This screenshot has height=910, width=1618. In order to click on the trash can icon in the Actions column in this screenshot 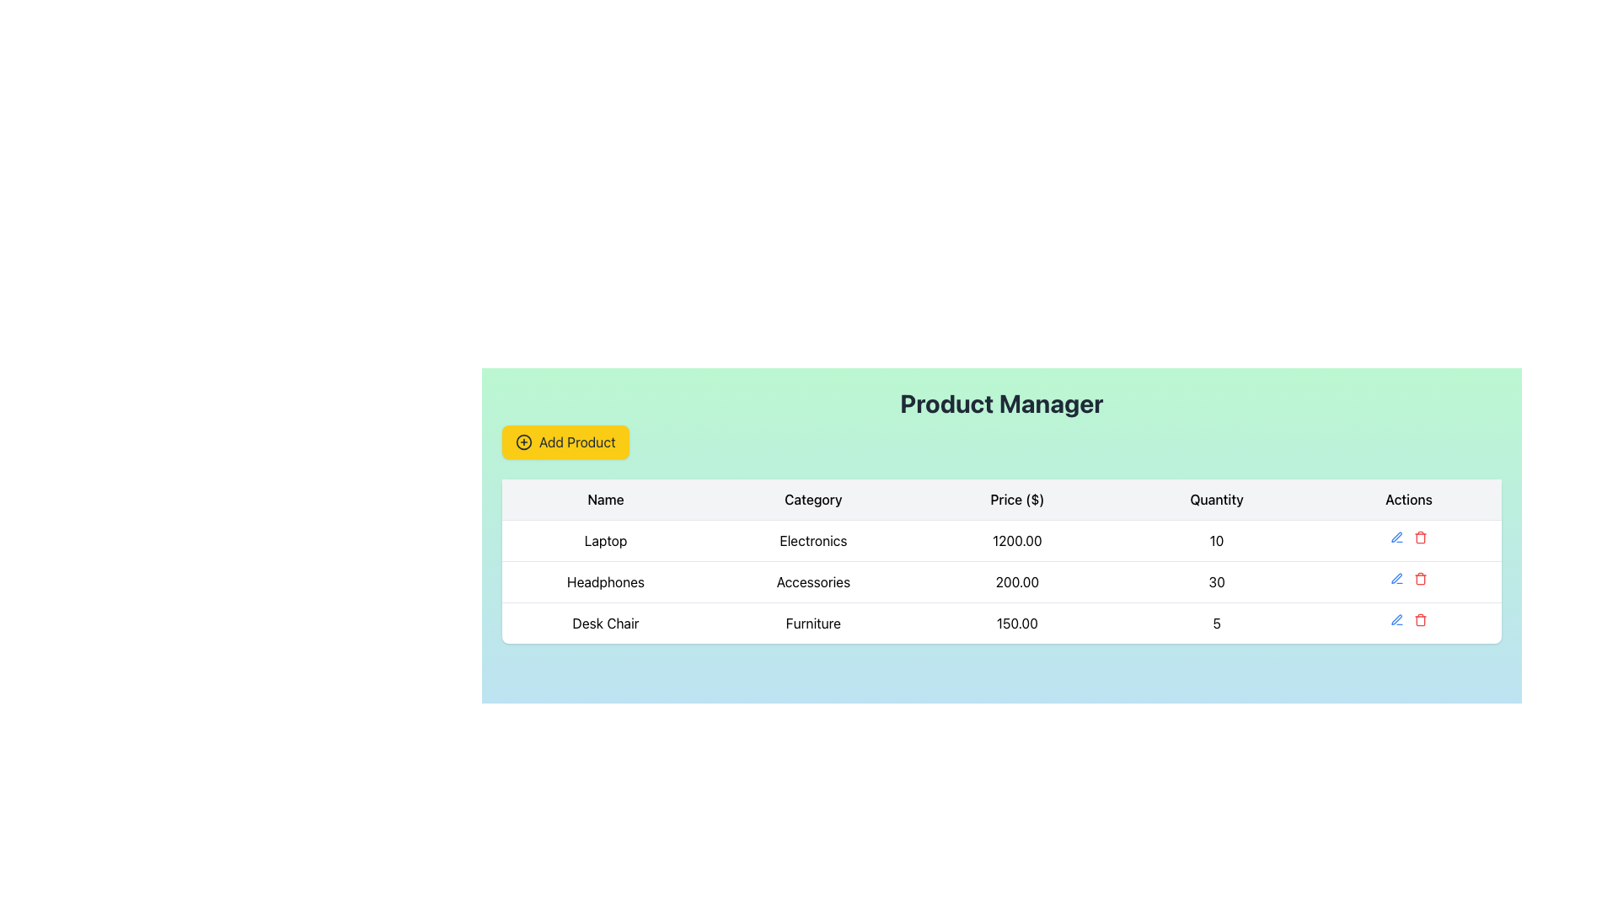, I will do `click(1419, 537)`.